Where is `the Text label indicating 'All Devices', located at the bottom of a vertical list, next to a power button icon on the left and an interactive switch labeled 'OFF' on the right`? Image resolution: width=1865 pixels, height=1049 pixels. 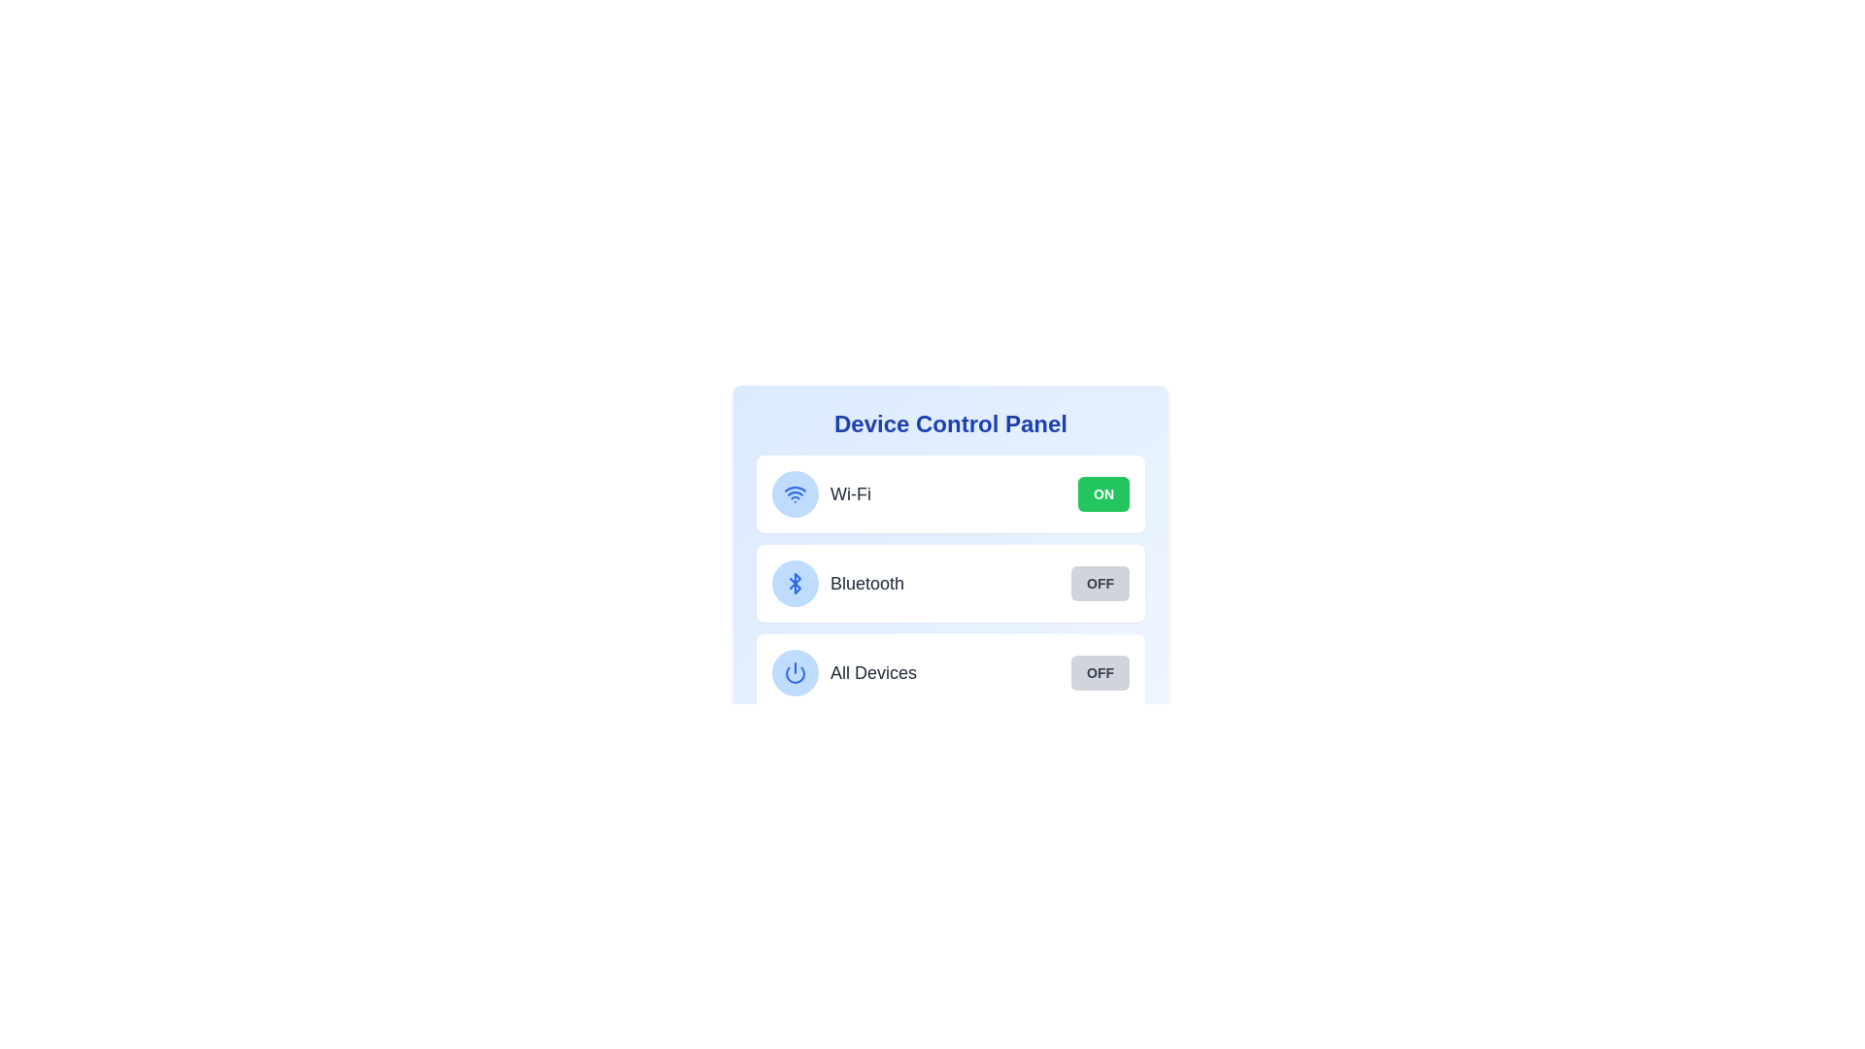
the Text label indicating 'All Devices', located at the bottom of a vertical list, next to a power button icon on the left and an interactive switch labeled 'OFF' on the right is located at coordinates (872, 672).